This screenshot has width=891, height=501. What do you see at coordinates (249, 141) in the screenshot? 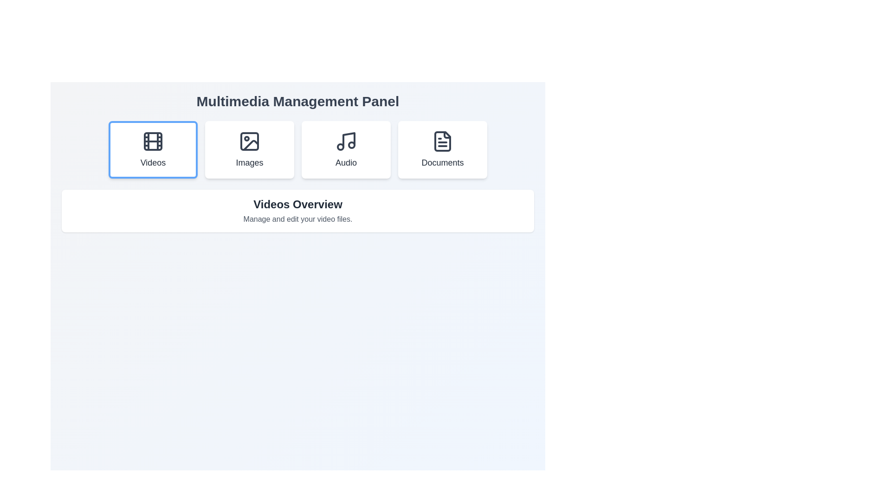
I see `the image placeholder icon located in the second card of the Multimedia Management Panel` at bounding box center [249, 141].